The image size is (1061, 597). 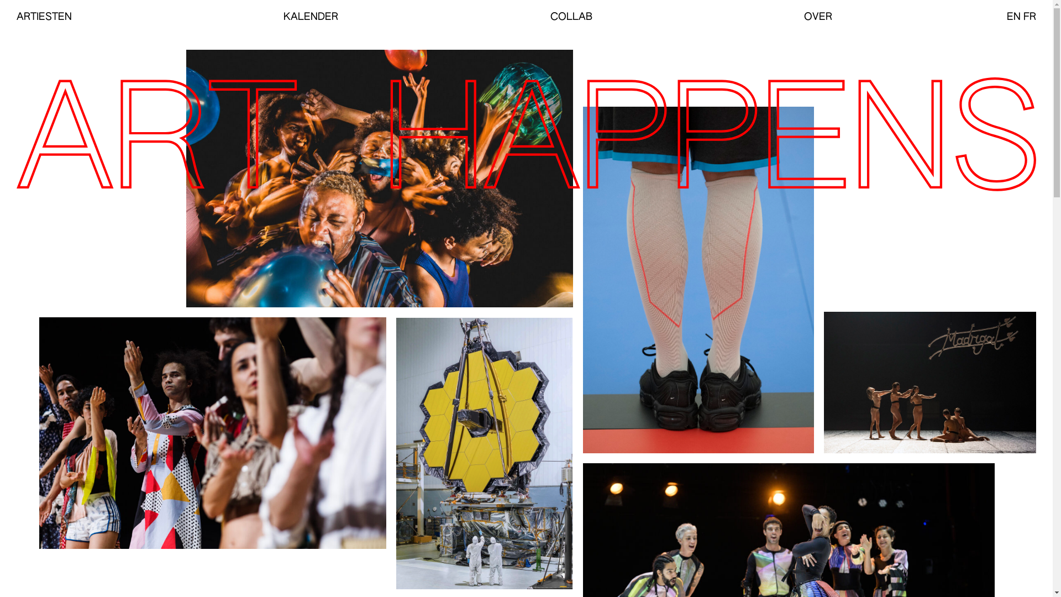 What do you see at coordinates (44, 17) in the screenshot?
I see `'ARTIESTEN'` at bounding box center [44, 17].